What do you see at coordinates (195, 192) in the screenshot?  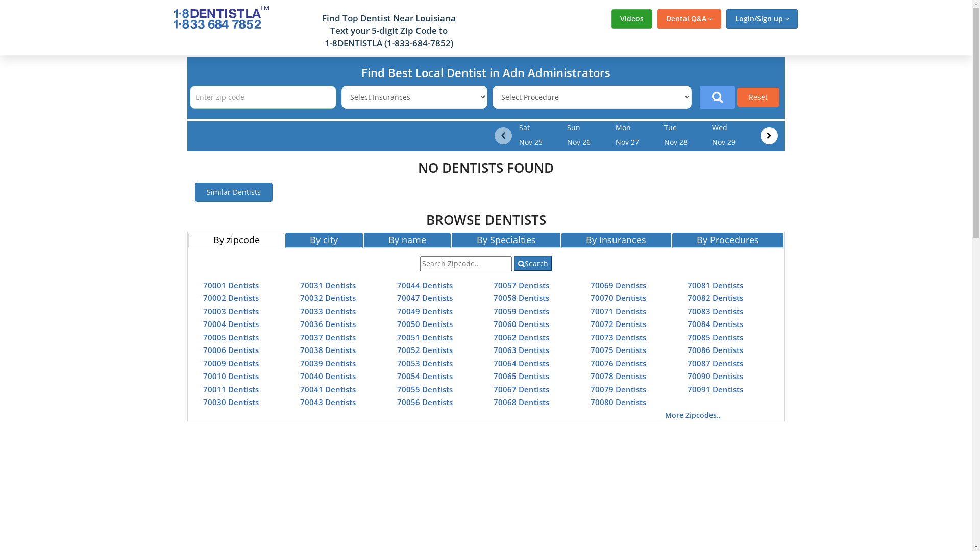 I see `'Similar Dentists'` at bounding box center [195, 192].